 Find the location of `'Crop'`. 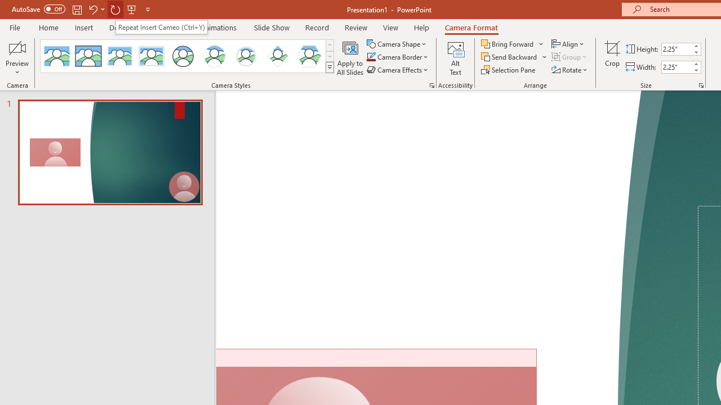

'Crop' is located at coordinates (612, 58).